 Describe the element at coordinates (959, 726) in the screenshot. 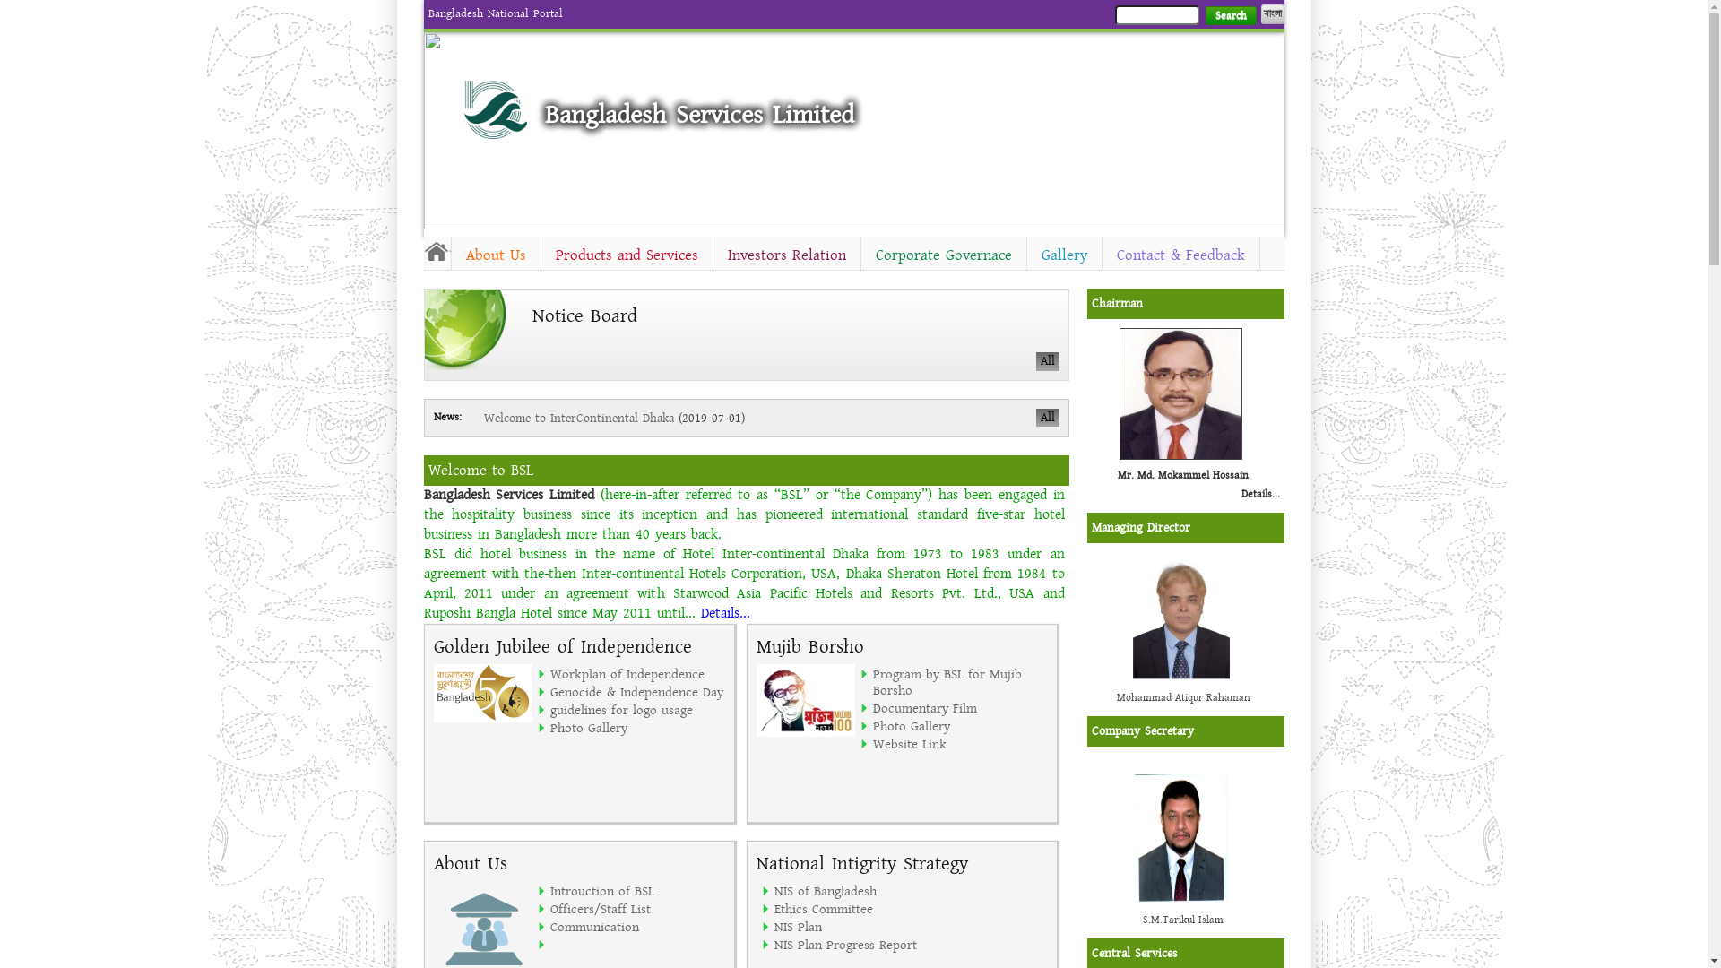

I see `'Photo Gallery'` at that location.